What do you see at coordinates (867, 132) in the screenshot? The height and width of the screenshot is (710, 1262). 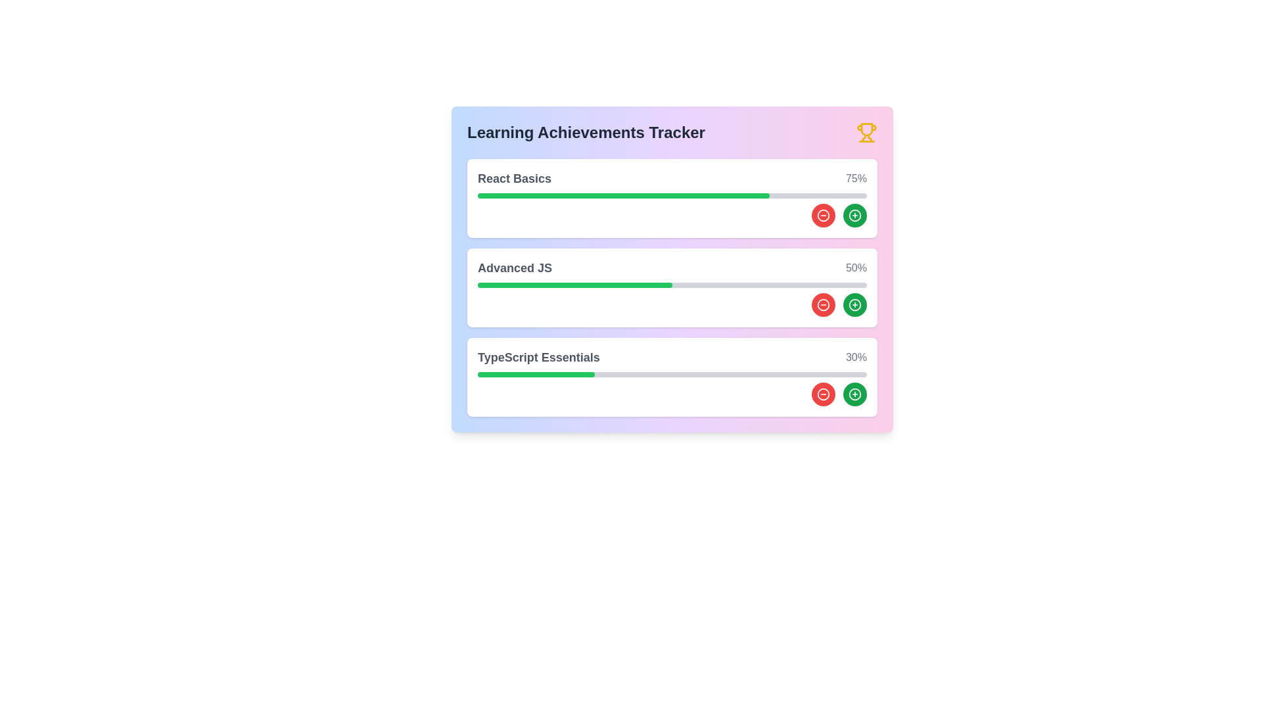 I see `the trophy icon, which is golden yellow and located at the far right of the 'Learning Achievements Tracker' header section` at bounding box center [867, 132].